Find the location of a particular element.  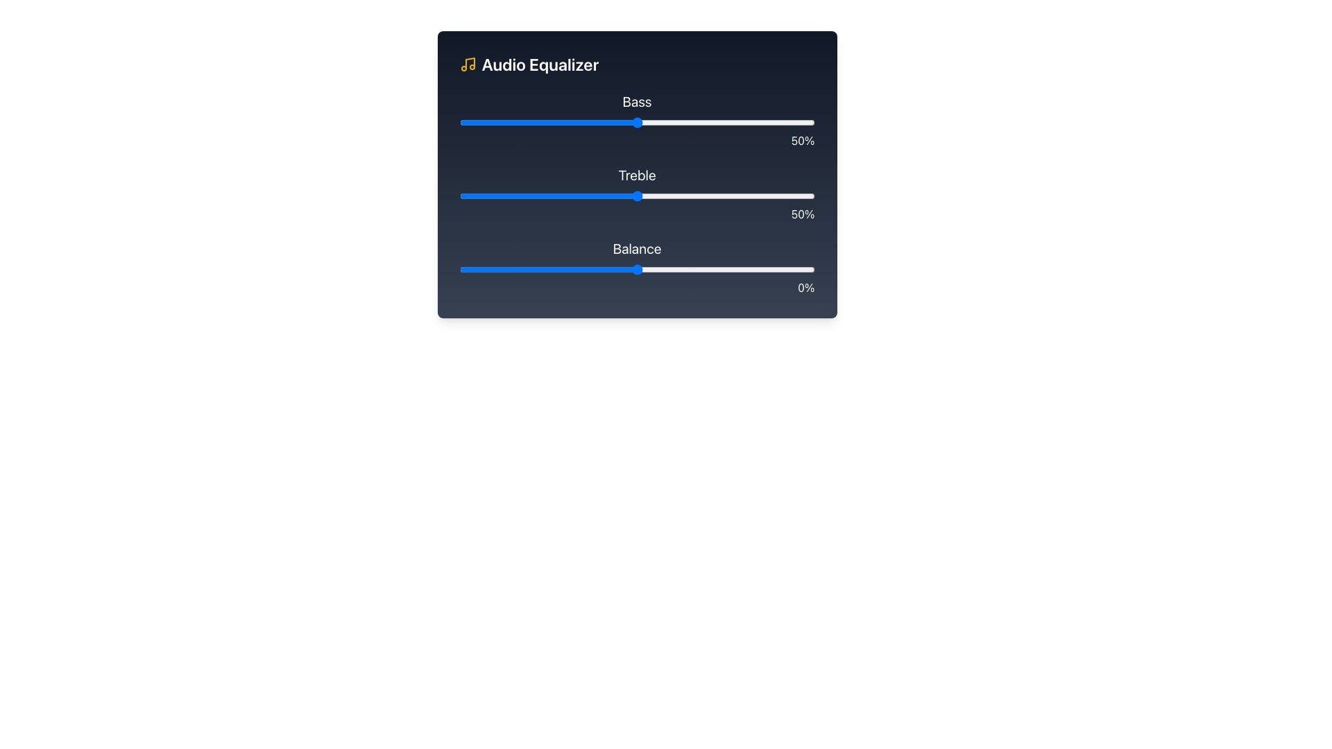

balance is located at coordinates (687, 270).